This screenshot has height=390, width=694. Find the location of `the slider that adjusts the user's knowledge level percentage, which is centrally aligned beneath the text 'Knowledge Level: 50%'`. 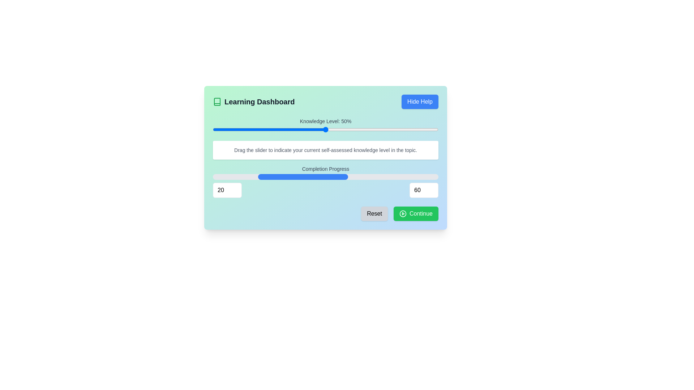

the slider that adjusts the user's knowledge level percentage, which is centrally aligned beneath the text 'Knowledge Level: 50%' is located at coordinates (325, 129).